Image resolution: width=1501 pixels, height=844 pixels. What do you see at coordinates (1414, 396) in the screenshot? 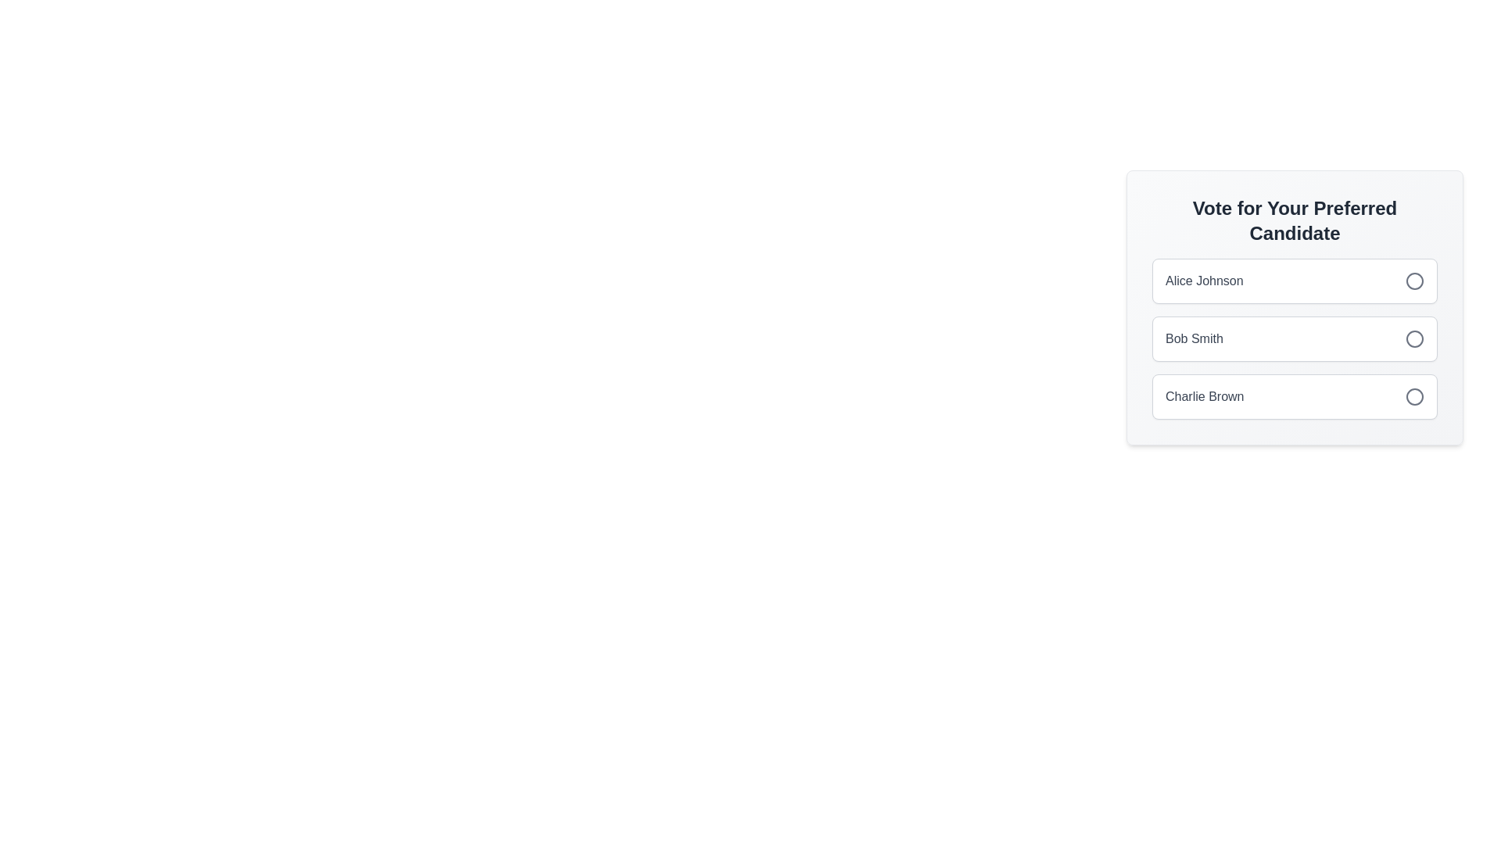
I see `the radio button with a circular icon and gray outline located in the center-right of the 'Charlie Brown' options list` at bounding box center [1414, 396].